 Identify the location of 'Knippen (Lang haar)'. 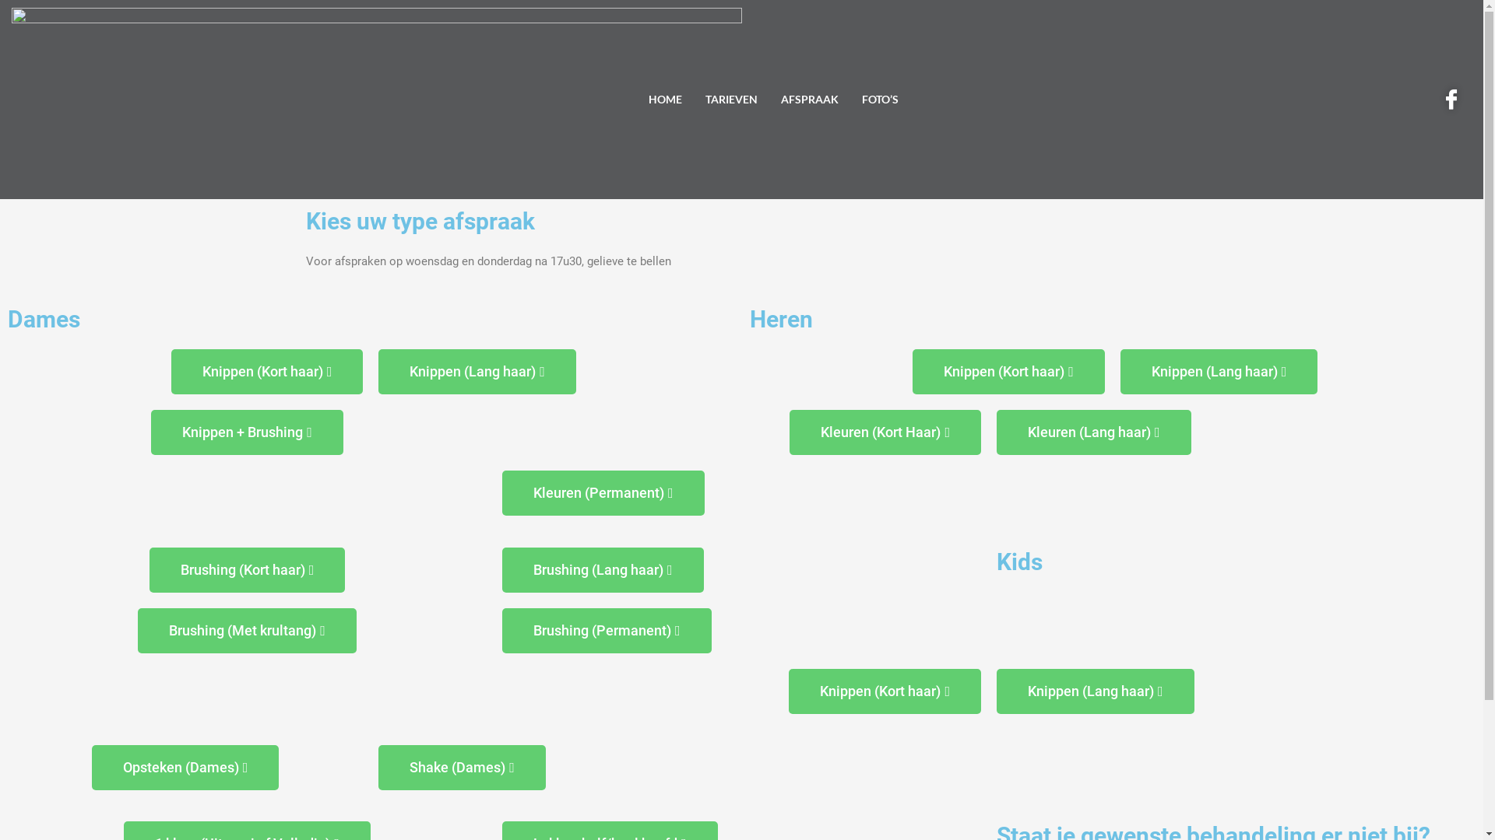
(477, 372).